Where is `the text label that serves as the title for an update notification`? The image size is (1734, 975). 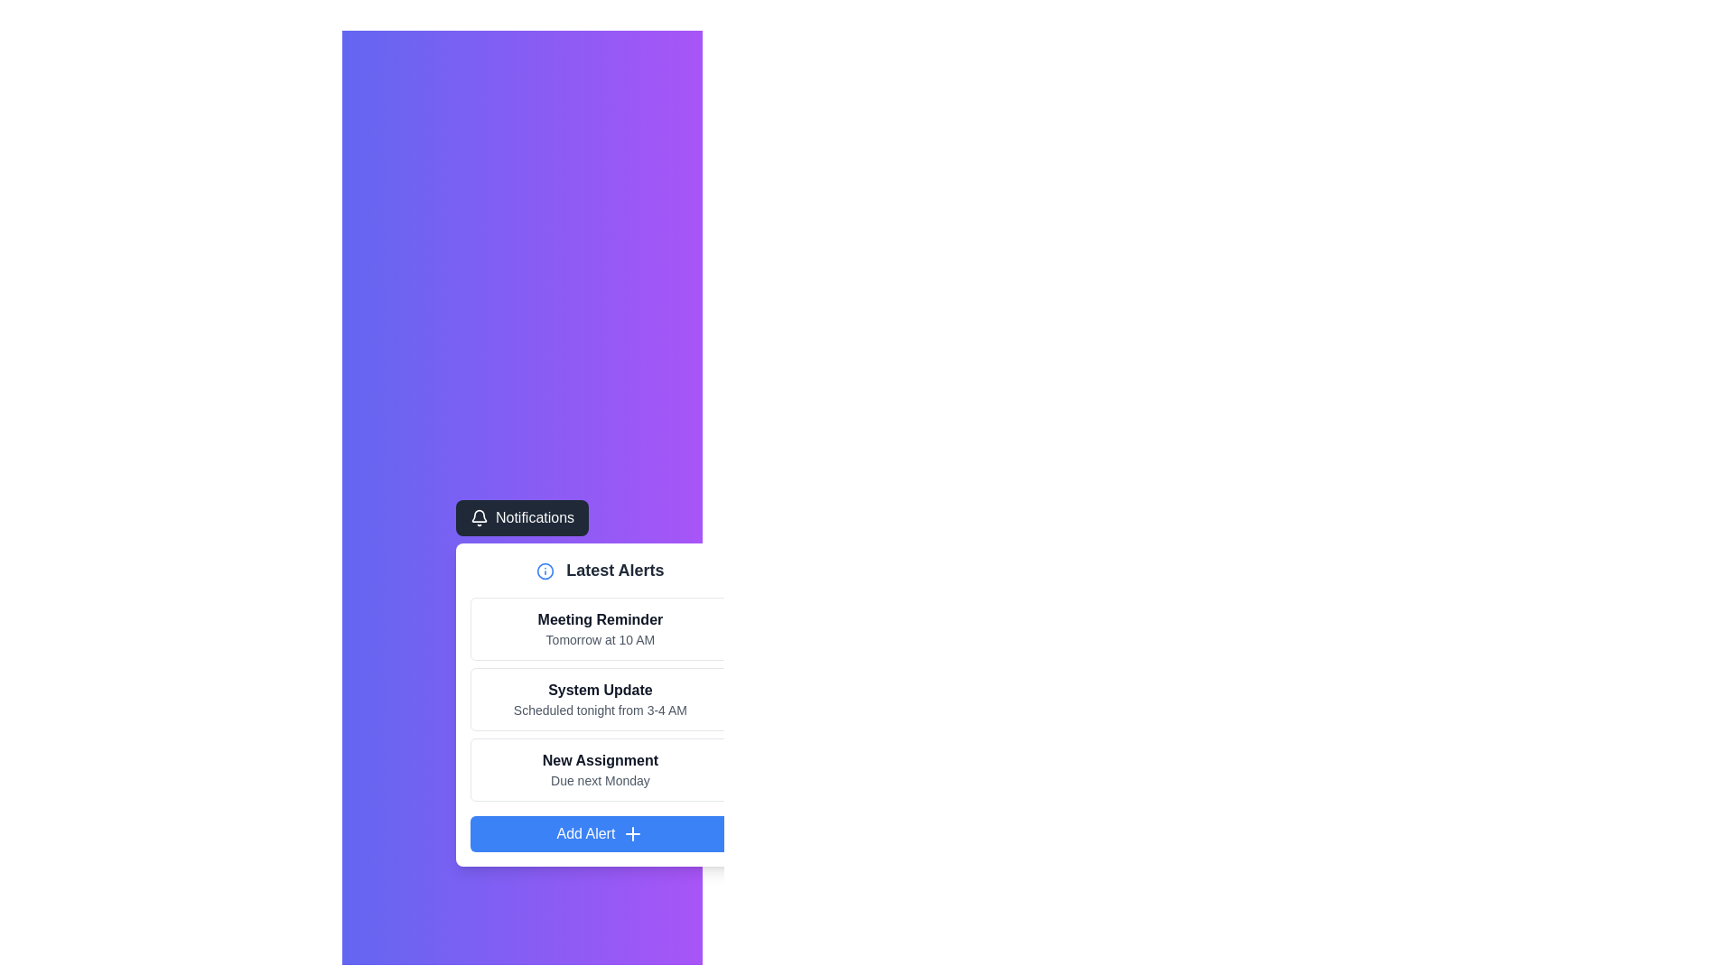 the text label that serves as the title for an update notification is located at coordinates (600, 690).